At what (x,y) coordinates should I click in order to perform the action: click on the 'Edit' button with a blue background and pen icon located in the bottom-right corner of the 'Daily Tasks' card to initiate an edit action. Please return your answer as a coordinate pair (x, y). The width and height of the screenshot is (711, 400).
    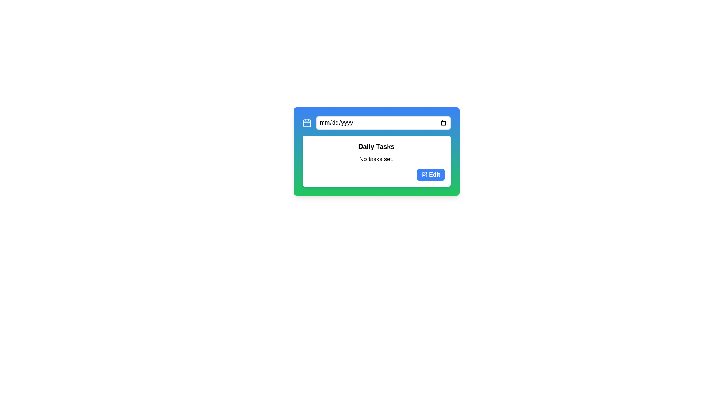
    Looking at the image, I should click on (431, 174).